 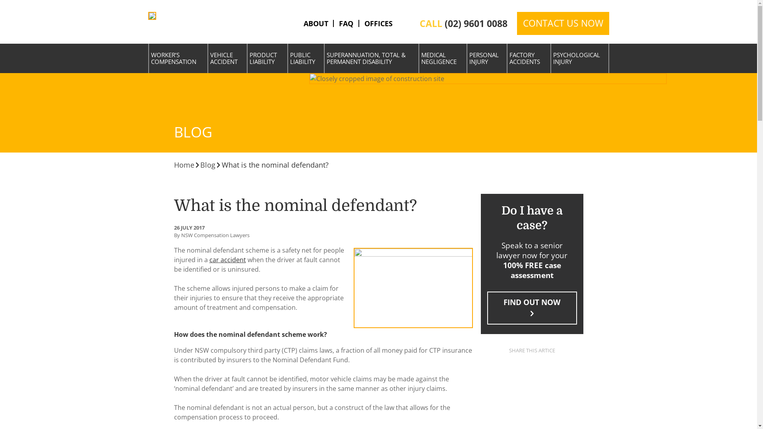 What do you see at coordinates (378, 23) in the screenshot?
I see `'OFFICES'` at bounding box center [378, 23].